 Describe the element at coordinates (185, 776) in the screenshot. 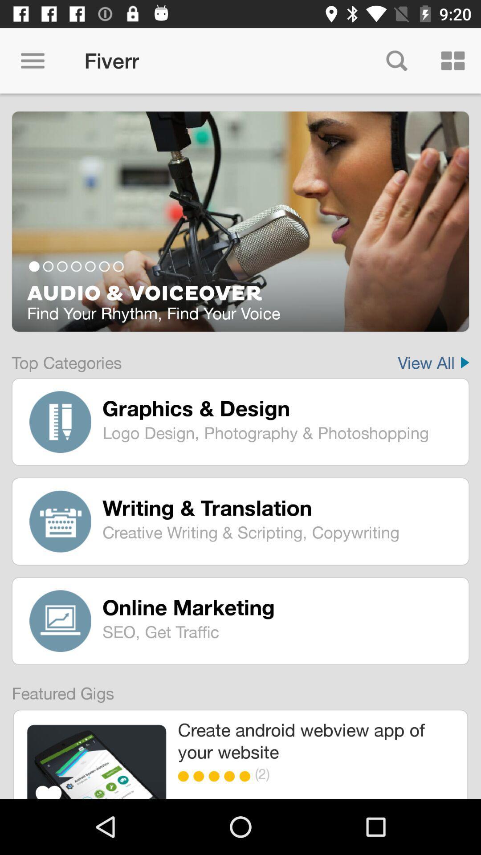

I see `the item below create android webview item` at that location.